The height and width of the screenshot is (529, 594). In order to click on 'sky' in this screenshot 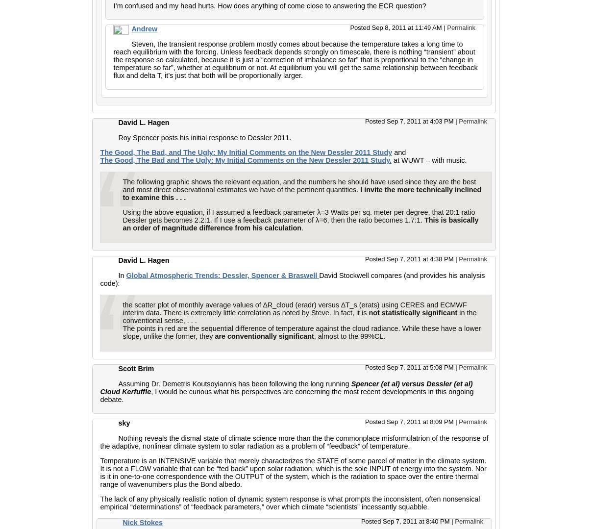, I will do `click(124, 423)`.